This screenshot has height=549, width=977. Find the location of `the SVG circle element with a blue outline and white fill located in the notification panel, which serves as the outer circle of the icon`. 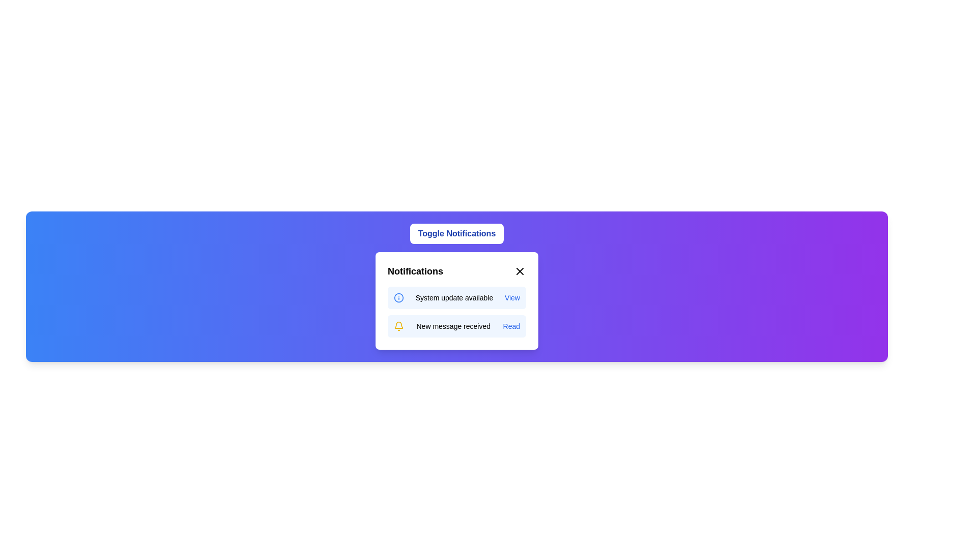

the SVG circle element with a blue outline and white fill located in the notification panel, which serves as the outer circle of the icon is located at coordinates (398, 297).